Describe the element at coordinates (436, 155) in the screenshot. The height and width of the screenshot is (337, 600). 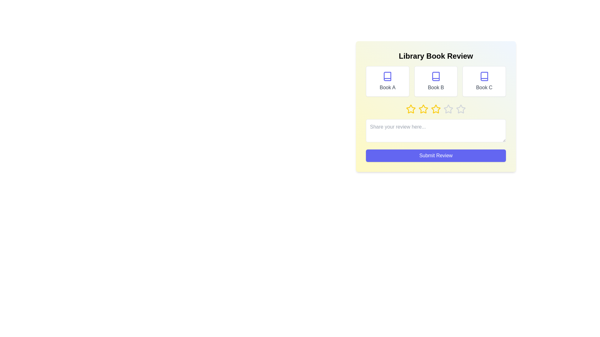
I see `the 'Submit Review' button to submit the review` at that location.